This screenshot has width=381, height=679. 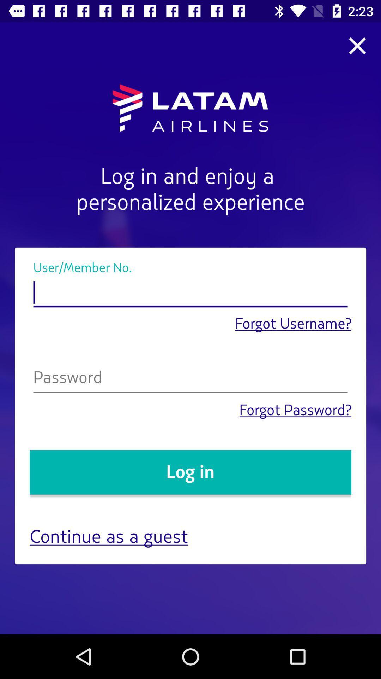 What do you see at coordinates (190, 379) in the screenshot?
I see `password` at bounding box center [190, 379].